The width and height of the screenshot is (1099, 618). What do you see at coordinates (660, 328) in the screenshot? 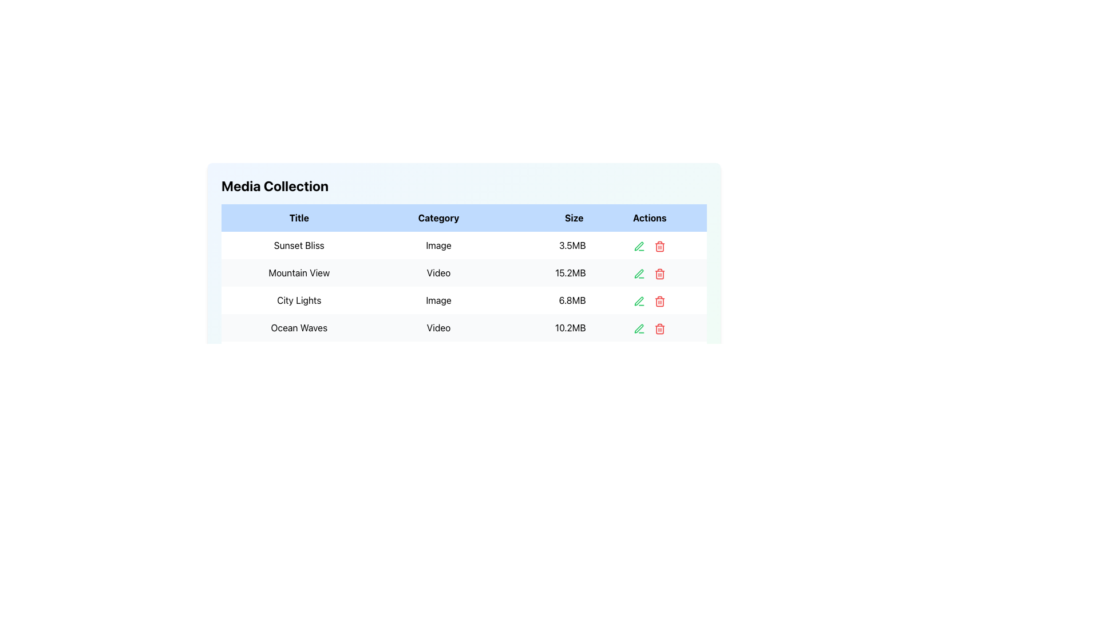
I see `the 'Trash Bin' styled button icon in the 'Actions' column of the fourth row of the 'Media Collection' table` at bounding box center [660, 328].